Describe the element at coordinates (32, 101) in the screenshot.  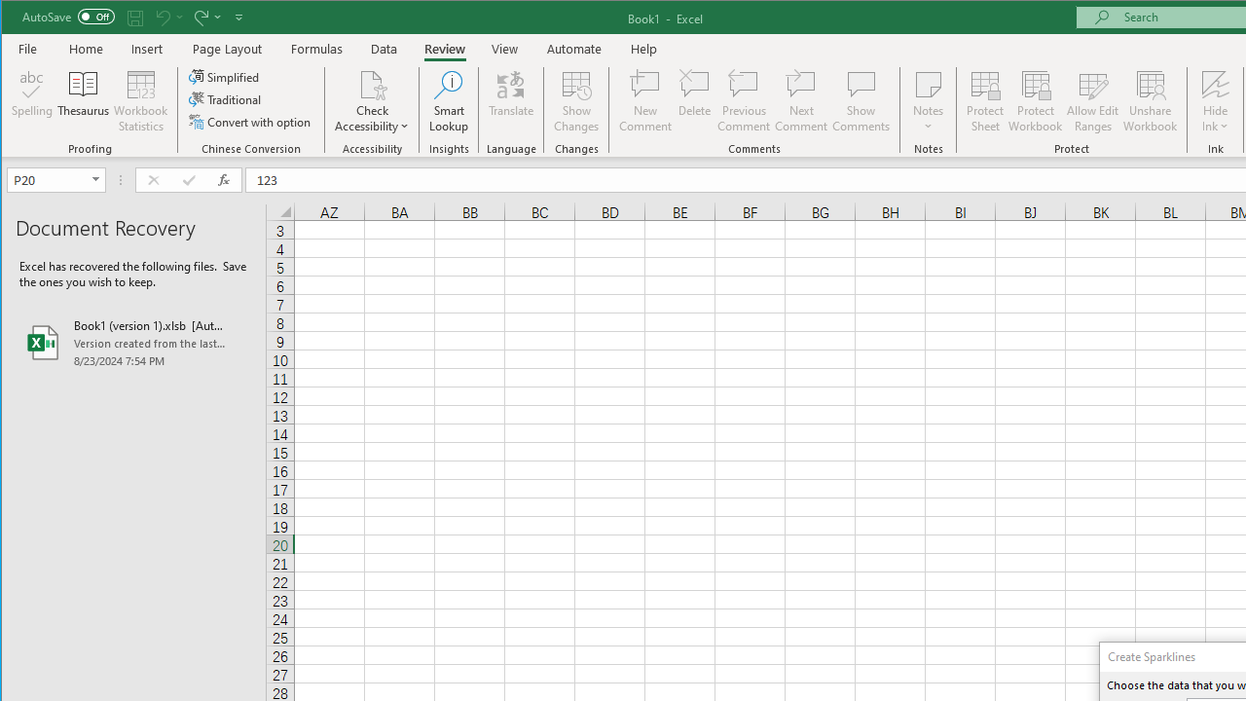
I see `'Spelling...'` at that location.